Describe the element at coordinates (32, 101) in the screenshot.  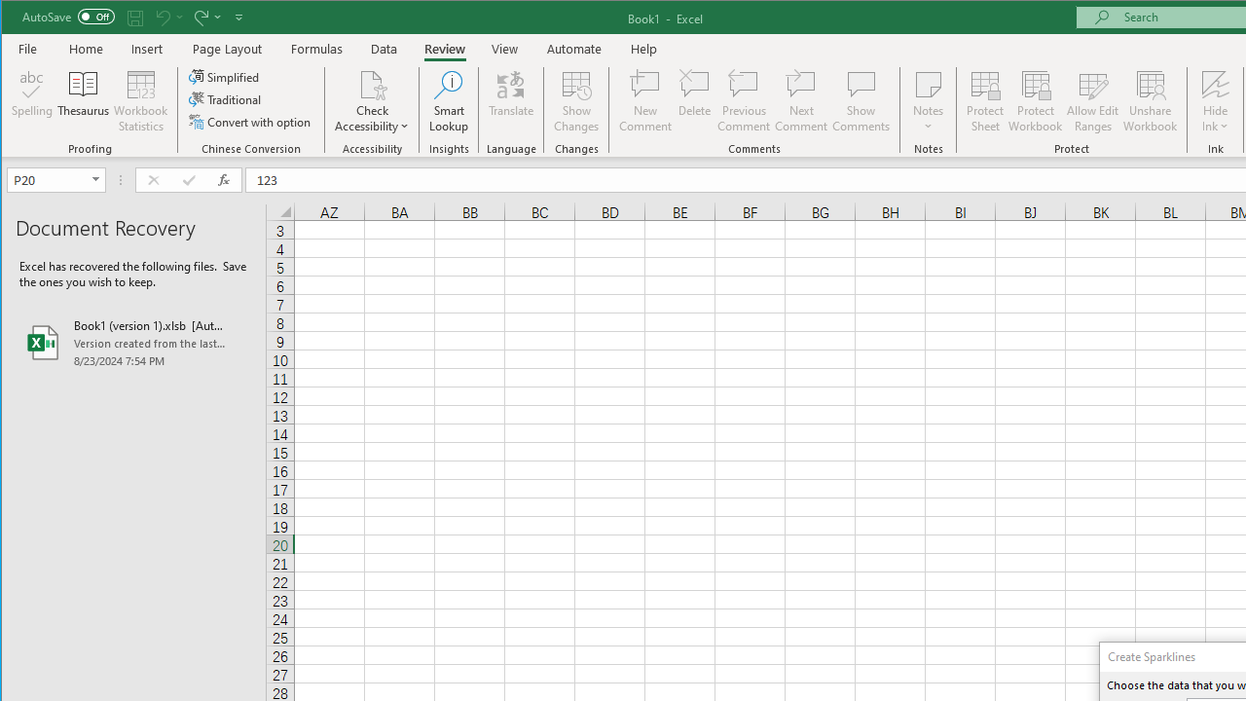
I see `'Spelling...'` at that location.